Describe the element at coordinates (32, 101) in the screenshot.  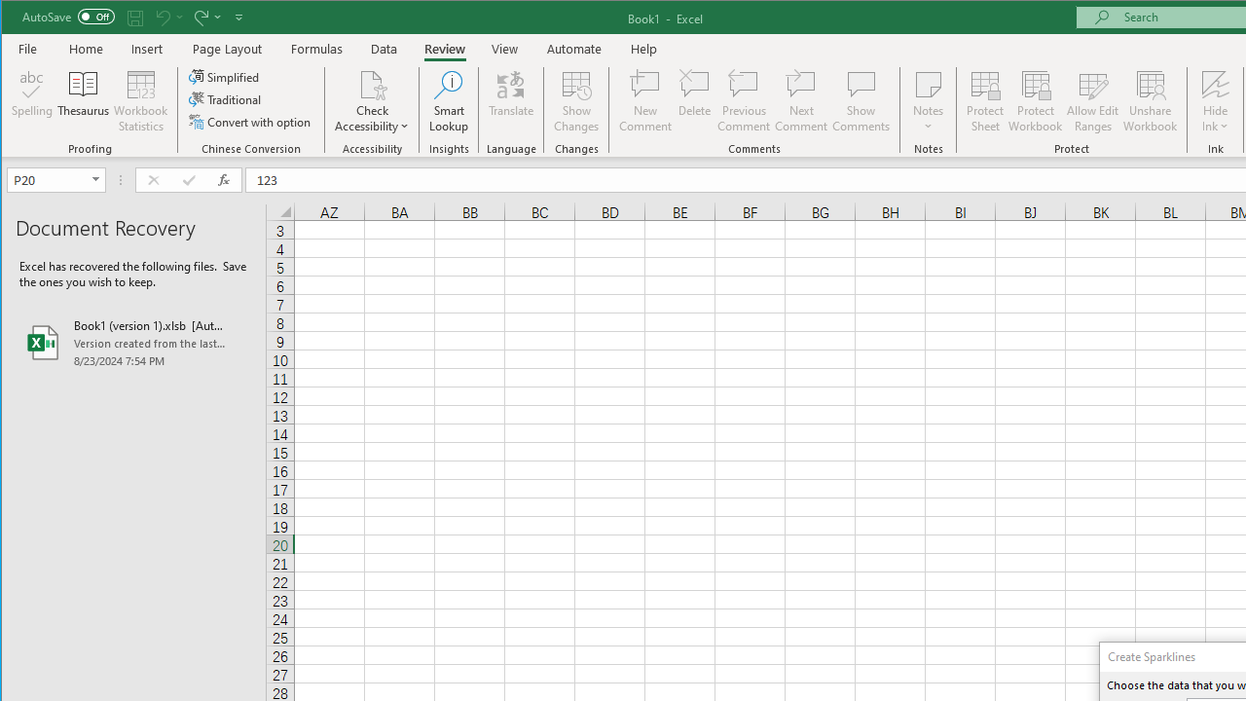
I see `'Spelling...'` at that location.